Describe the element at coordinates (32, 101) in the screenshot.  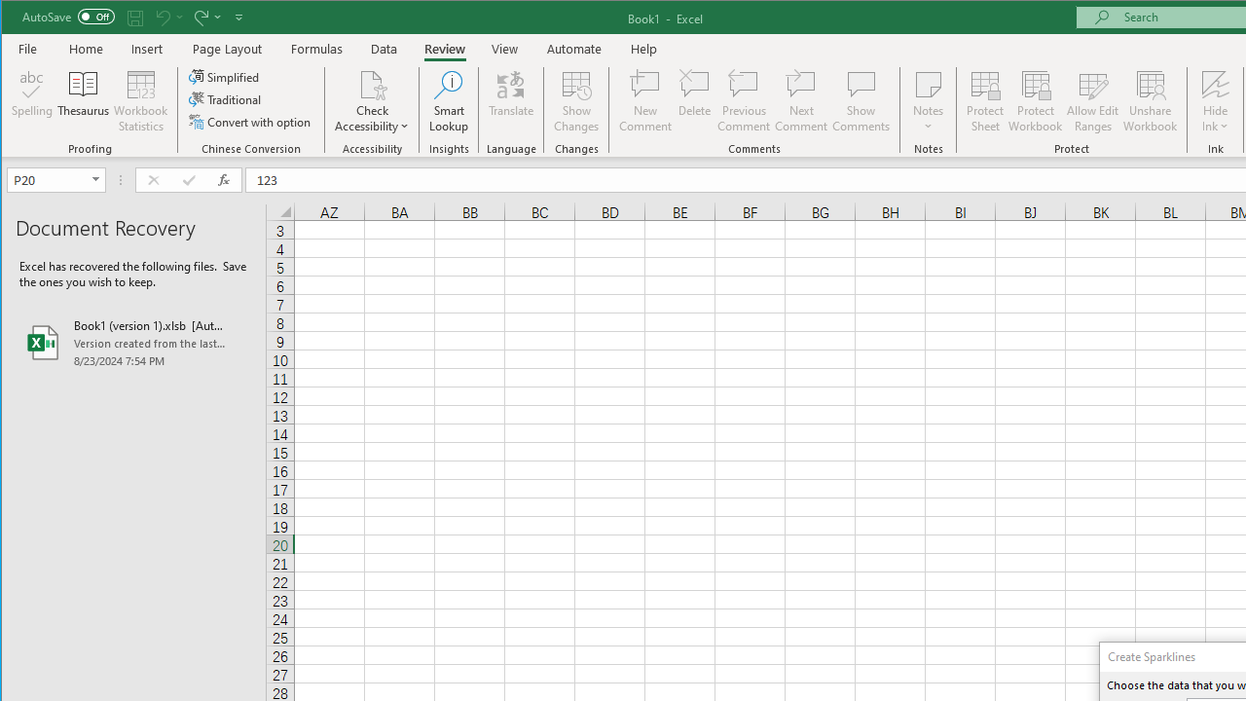
I see `'Spelling...'` at that location.